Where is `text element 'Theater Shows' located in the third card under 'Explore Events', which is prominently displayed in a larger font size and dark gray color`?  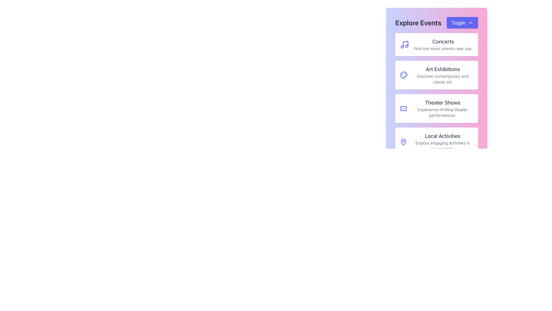
text element 'Theater Shows' located in the third card under 'Explore Events', which is prominently displayed in a larger font size and dark gray color is located at coordinates (442, 103).